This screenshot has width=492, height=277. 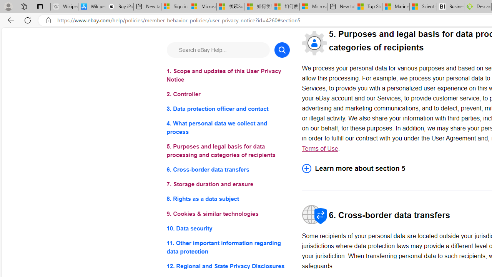 What do you see at coordinates (228, 184) in the screenshot?
I see `'7. Storage duration and erasure'` at bounding box center [228, 184].